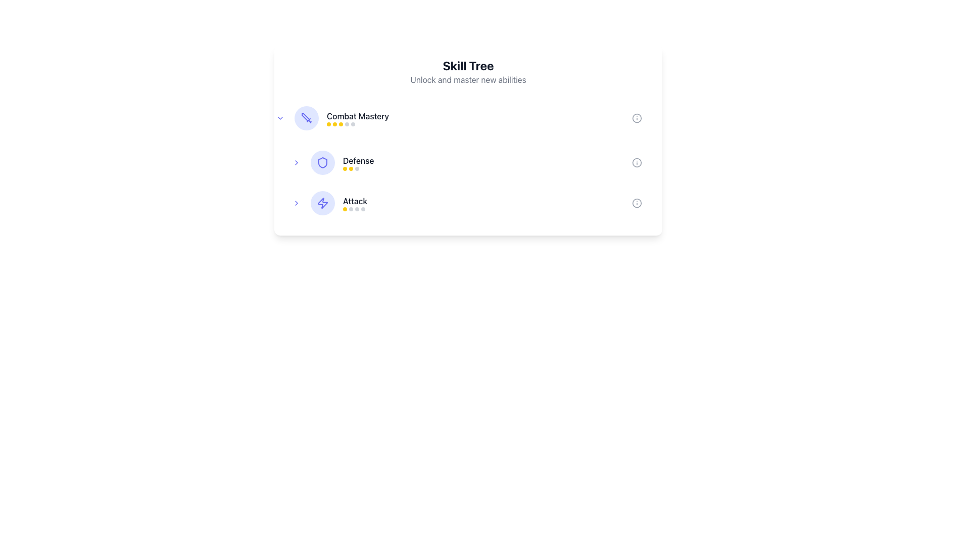 The height and width of the screenshot is (546, 970). Describe the element at coordinates (358, 116) in the screenshot. I see `the 'Combat Mastery' text label element` at that location.